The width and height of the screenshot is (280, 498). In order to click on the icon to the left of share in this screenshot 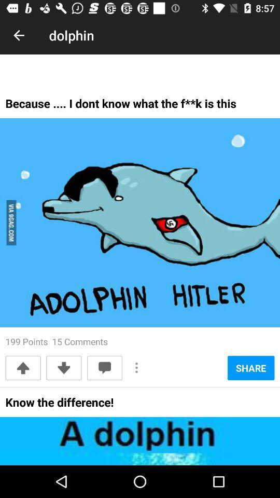, I will do `click(136, 368)`.